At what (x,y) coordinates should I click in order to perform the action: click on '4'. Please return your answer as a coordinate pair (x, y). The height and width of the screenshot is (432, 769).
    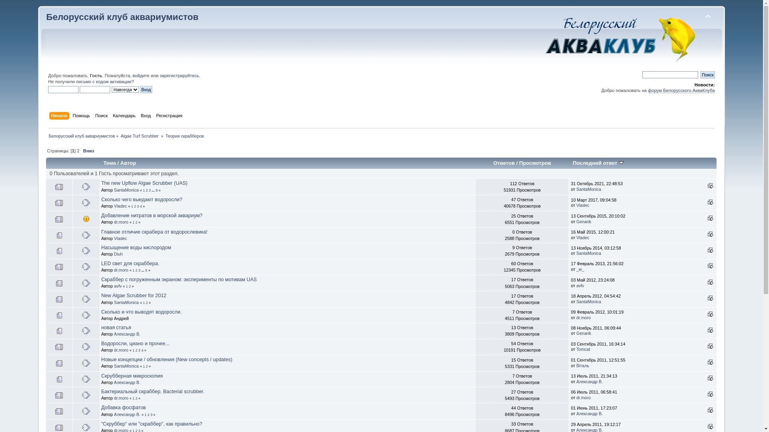
    Looking at the image, I should click on (141, 350).